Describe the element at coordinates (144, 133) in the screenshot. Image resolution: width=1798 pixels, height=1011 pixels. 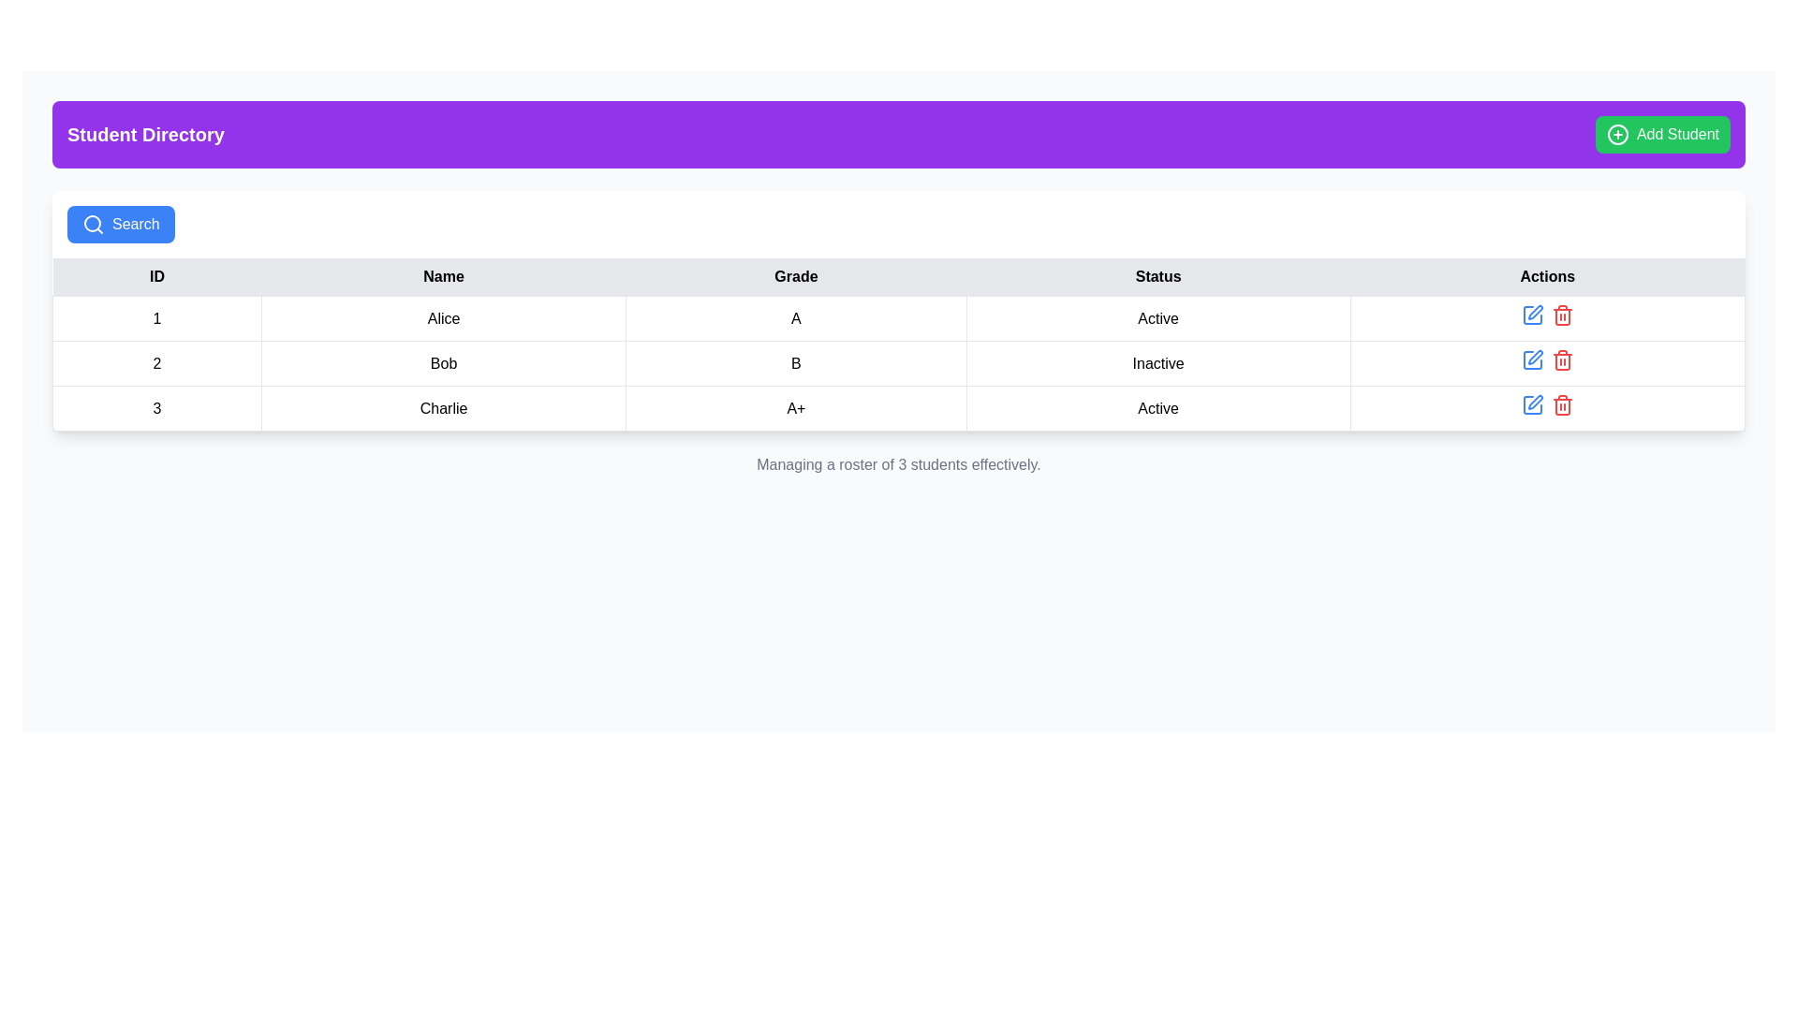
I see `the 'Student Directory' text label, which is prominently displayed in bold white text on a purple background in the top-left area of the header section` at that location.